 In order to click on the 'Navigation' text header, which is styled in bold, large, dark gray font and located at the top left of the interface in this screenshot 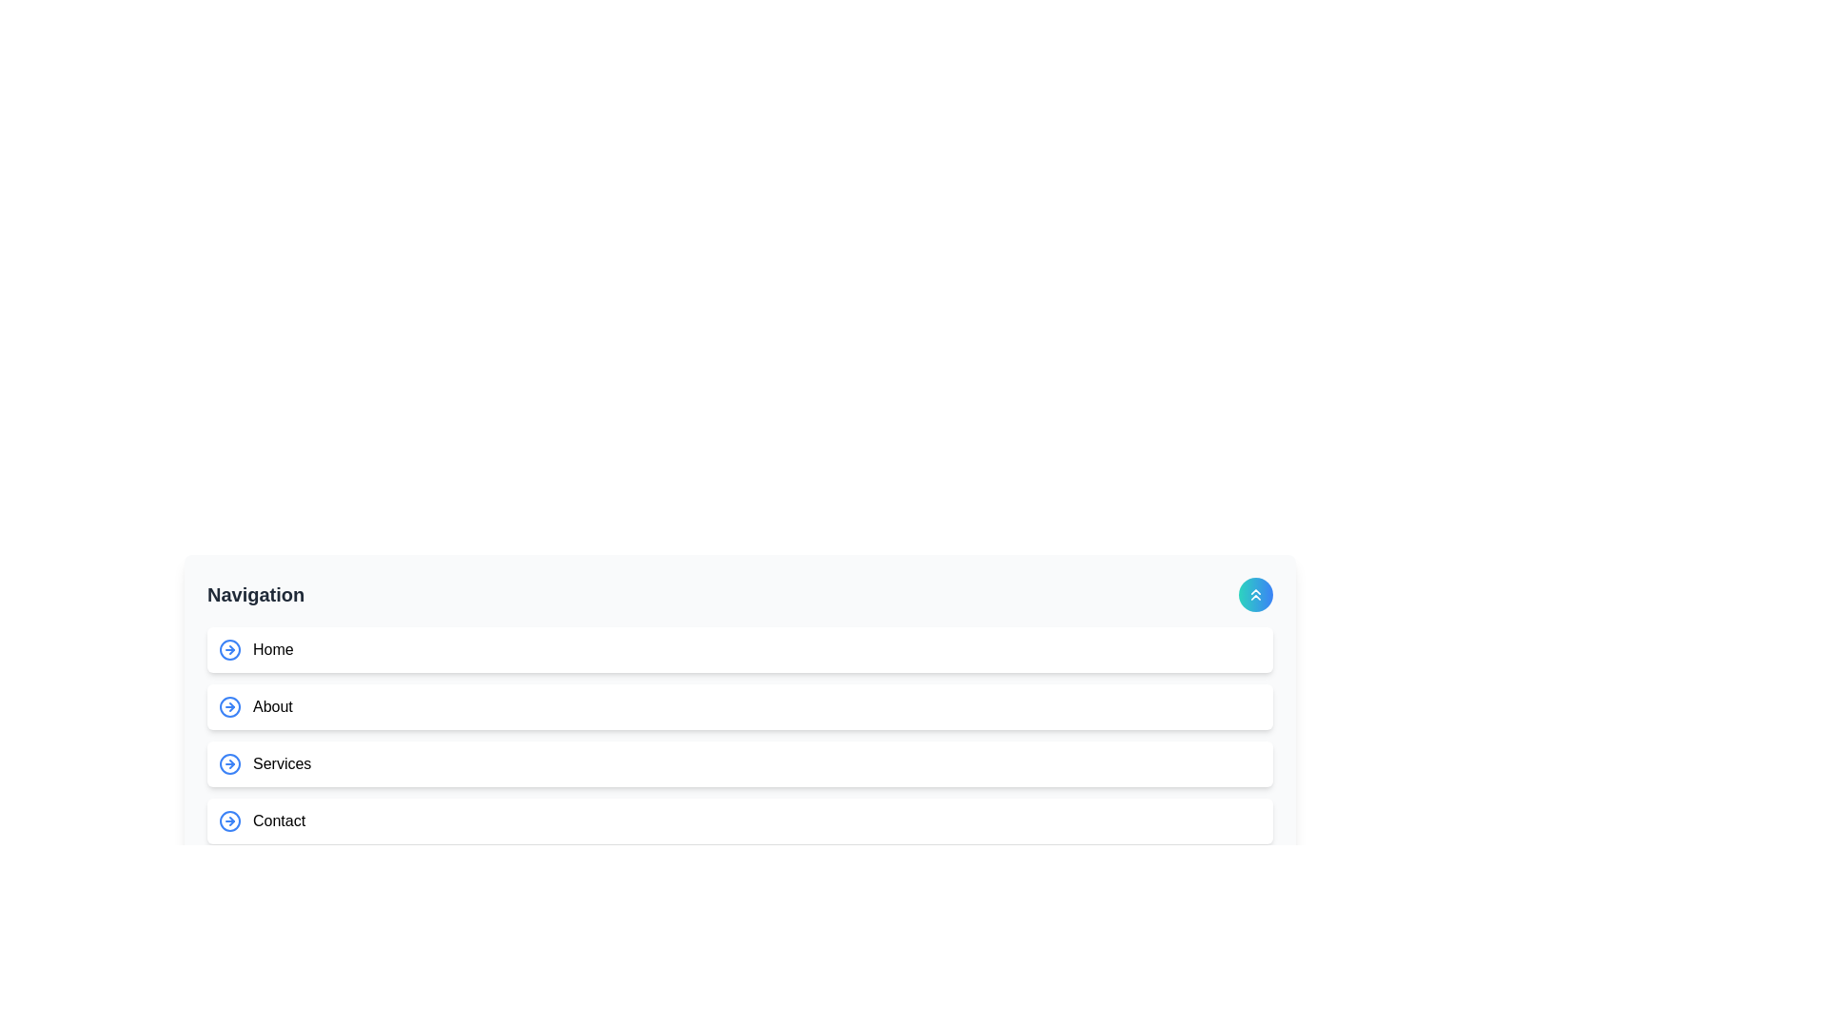, I will do `click(255, 593)`.